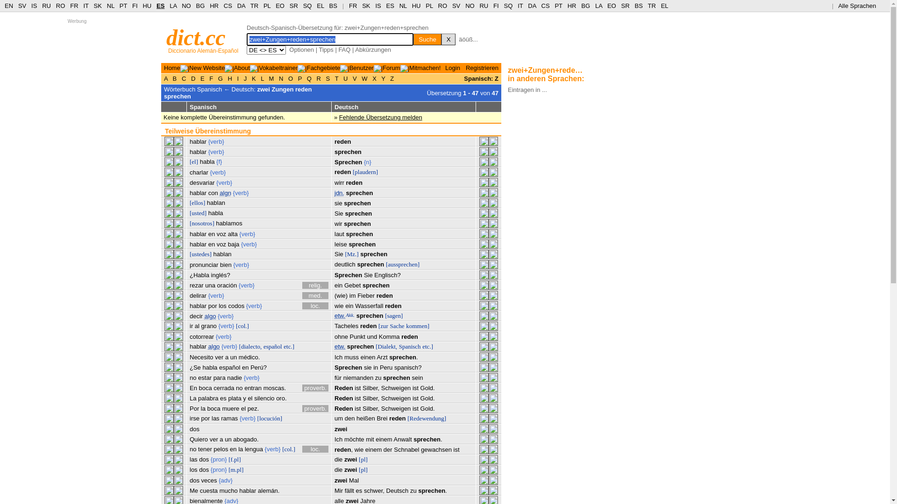 Image resolution: width=897 pixels, height=504 pixels. I want to click on 'RO', so click(60, 6).